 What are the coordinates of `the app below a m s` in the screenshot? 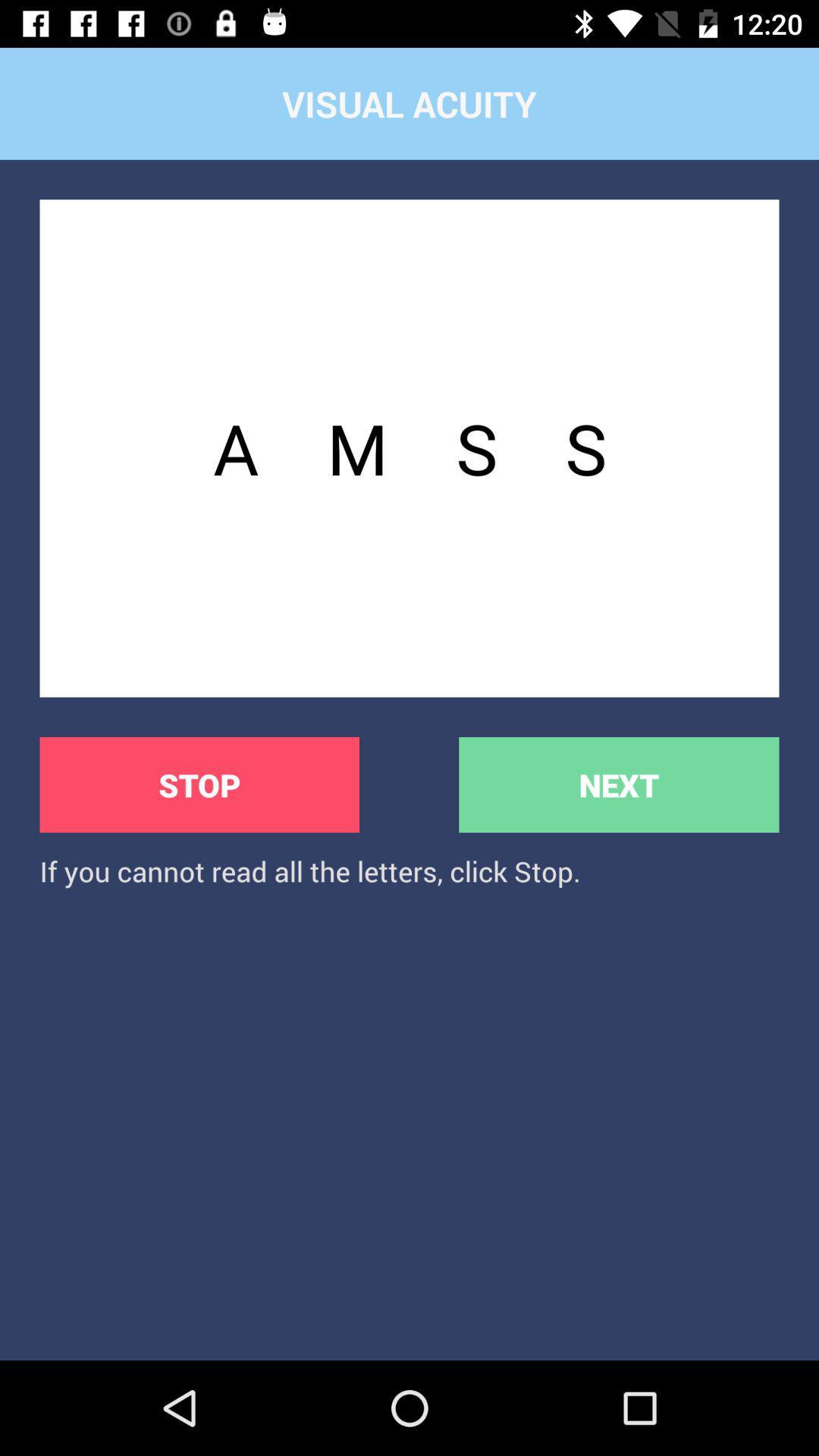 It's located at (619, 785).